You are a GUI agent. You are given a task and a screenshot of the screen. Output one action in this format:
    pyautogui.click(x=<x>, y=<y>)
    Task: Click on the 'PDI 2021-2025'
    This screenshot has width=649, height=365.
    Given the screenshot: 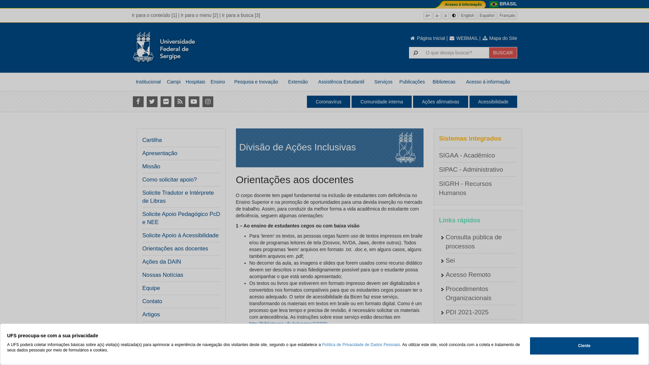 What is the action you would take?
    pyautogui.click(x=466, y=312)
    